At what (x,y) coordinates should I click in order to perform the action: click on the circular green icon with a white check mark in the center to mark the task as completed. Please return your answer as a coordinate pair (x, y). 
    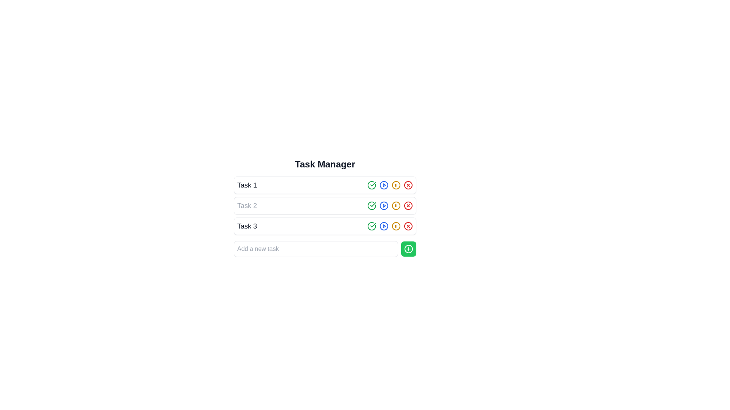
    Looking at the image, I should click on (372, 206).